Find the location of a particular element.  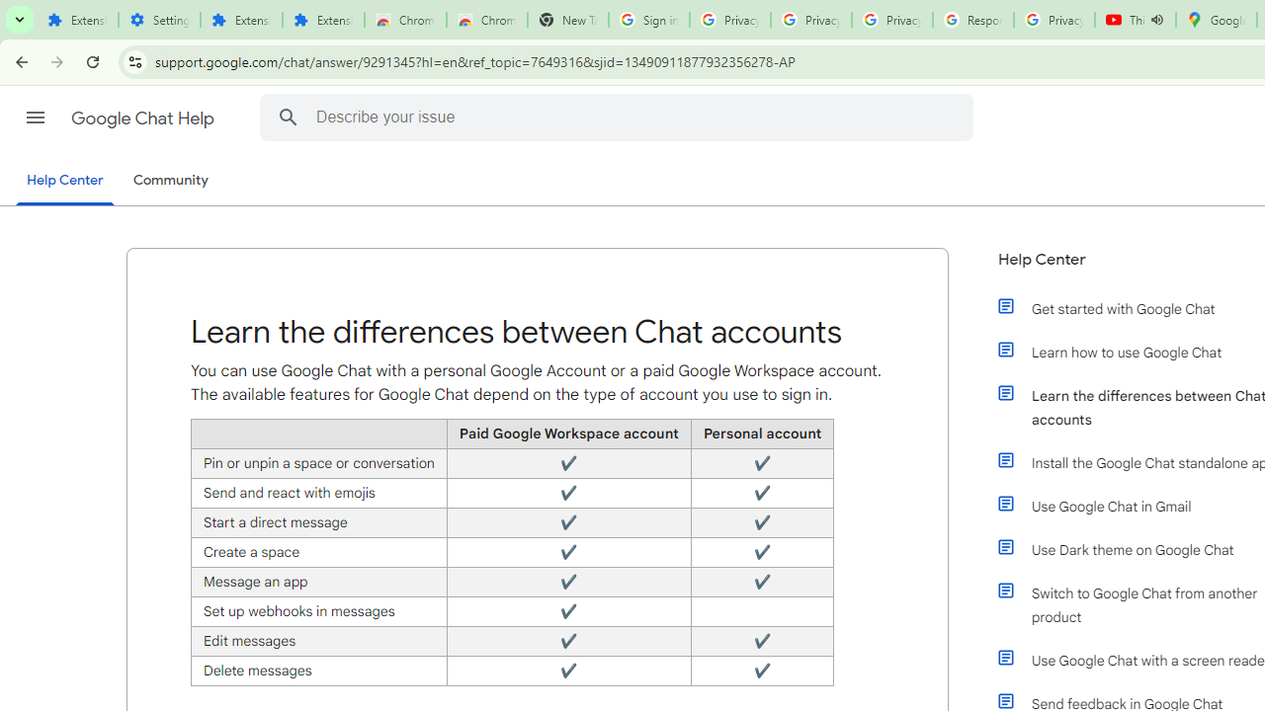

'Help Center' is located at coordinates (64, 181).